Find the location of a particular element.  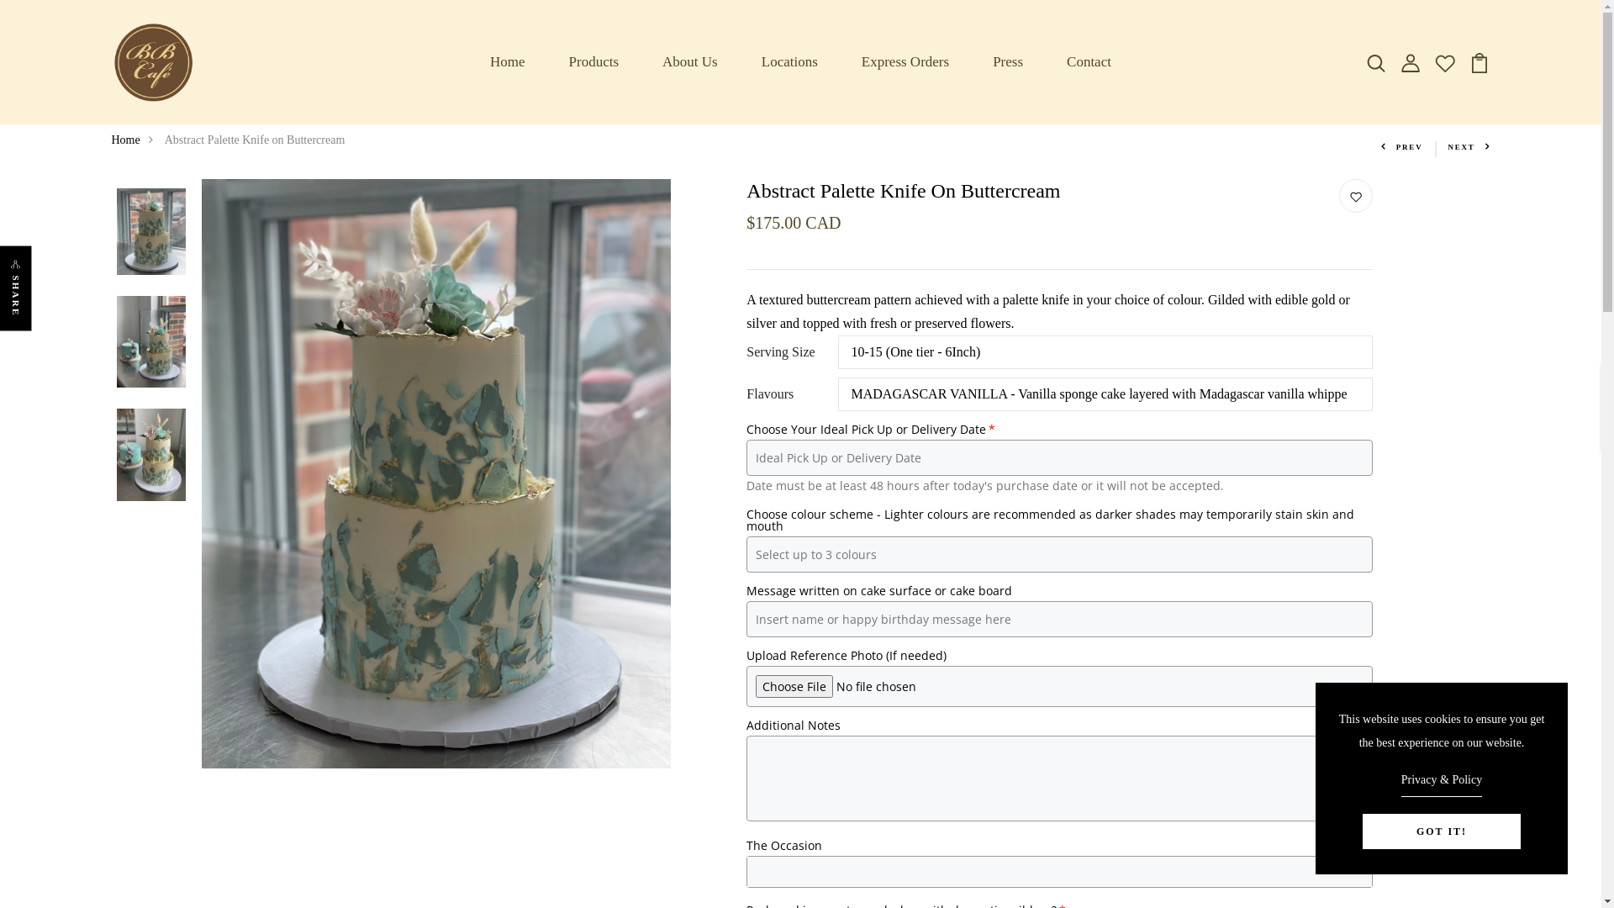

'Log In' is located at coordinates (800, 637).